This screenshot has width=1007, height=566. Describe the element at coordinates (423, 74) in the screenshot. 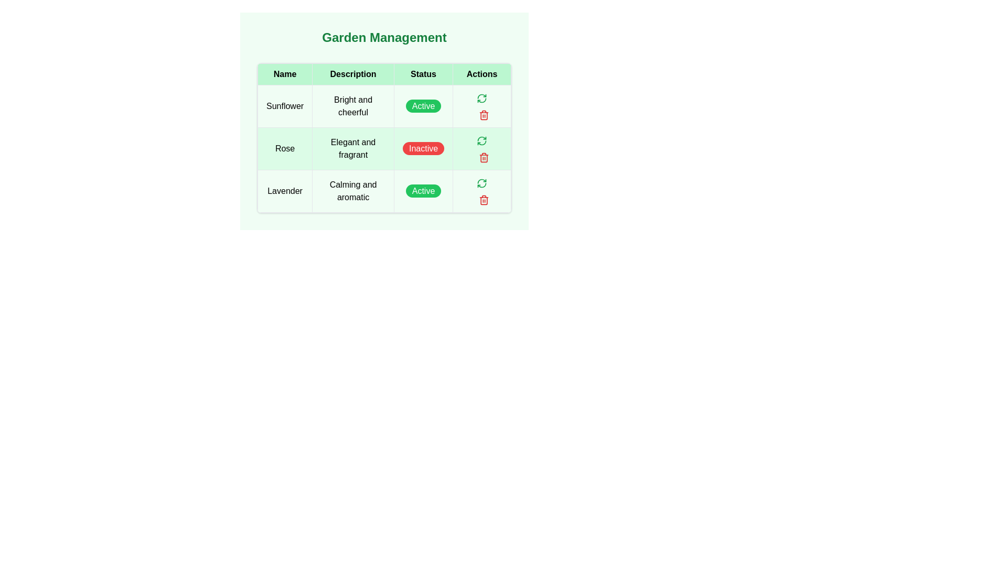

I see `the text label in the third column of the table header, which indicates the data category for the column, positioned between the 'Description' and 'Actions' columns` at that location.